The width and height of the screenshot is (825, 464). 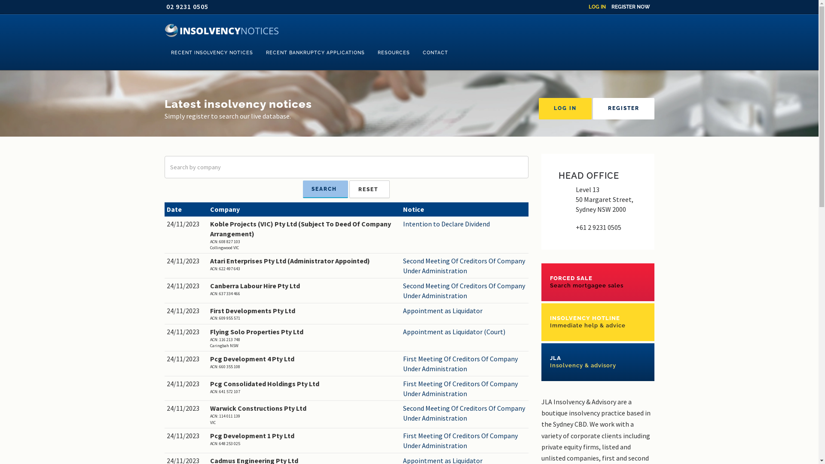 What do you see at coordinates (315, 53) in the screenshot?
I see `'RECENT BANKRUPTCY APPLICATIONS'` at bounding box center [315, 53].